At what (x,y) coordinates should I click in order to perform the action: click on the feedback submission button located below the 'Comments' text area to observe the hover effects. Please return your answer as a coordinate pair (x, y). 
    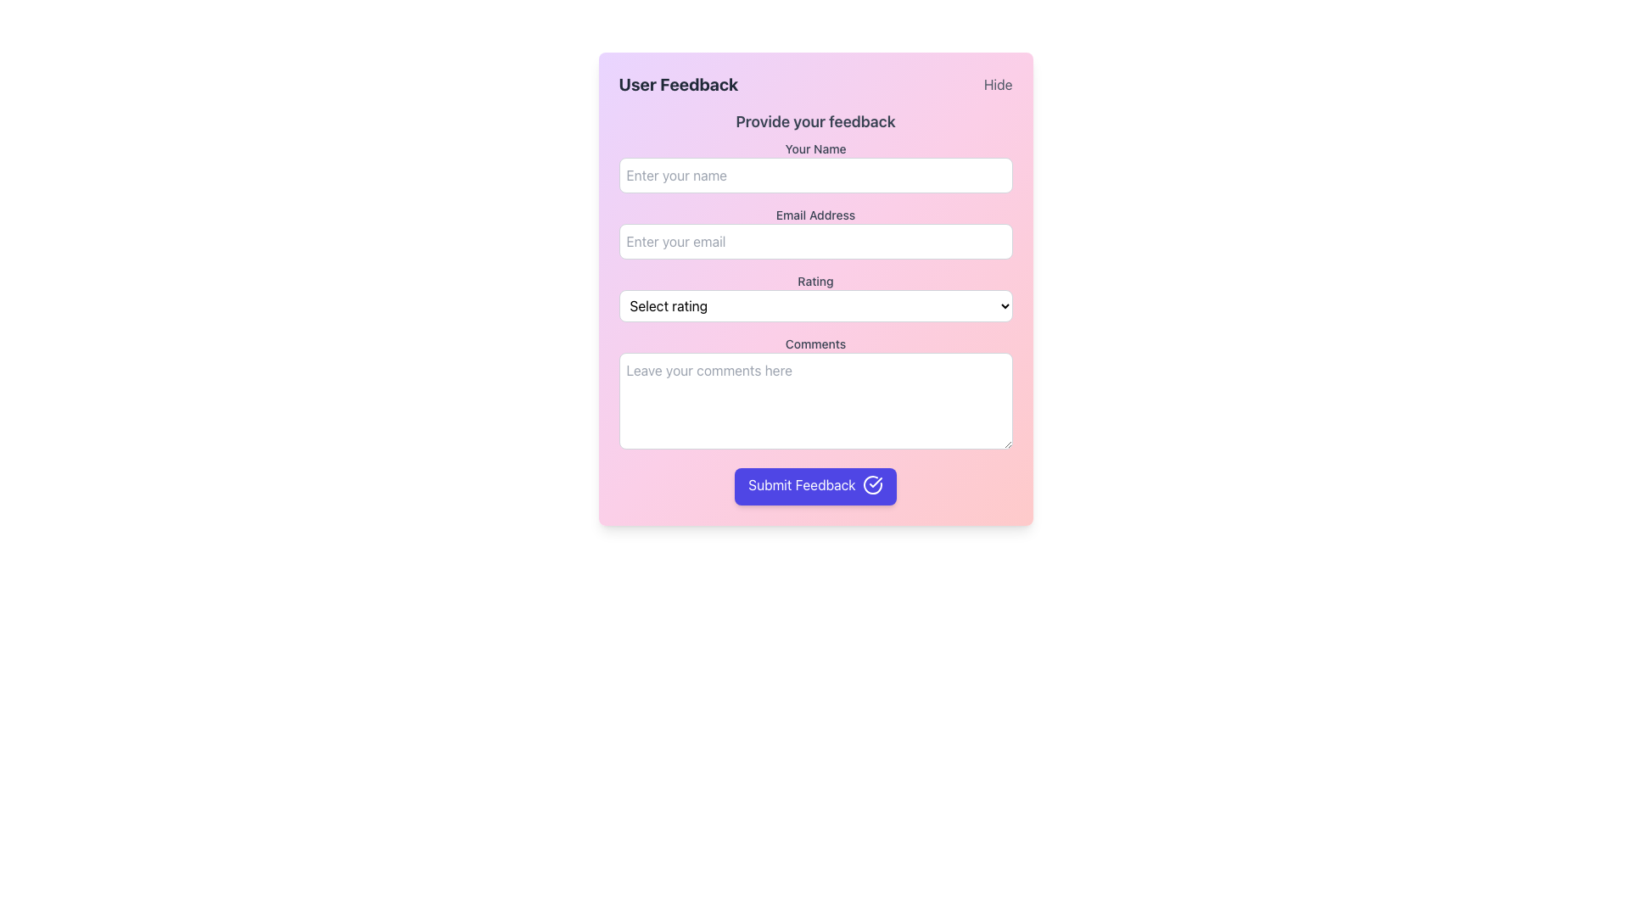
    Looking at the image, I should click on (815, 487).